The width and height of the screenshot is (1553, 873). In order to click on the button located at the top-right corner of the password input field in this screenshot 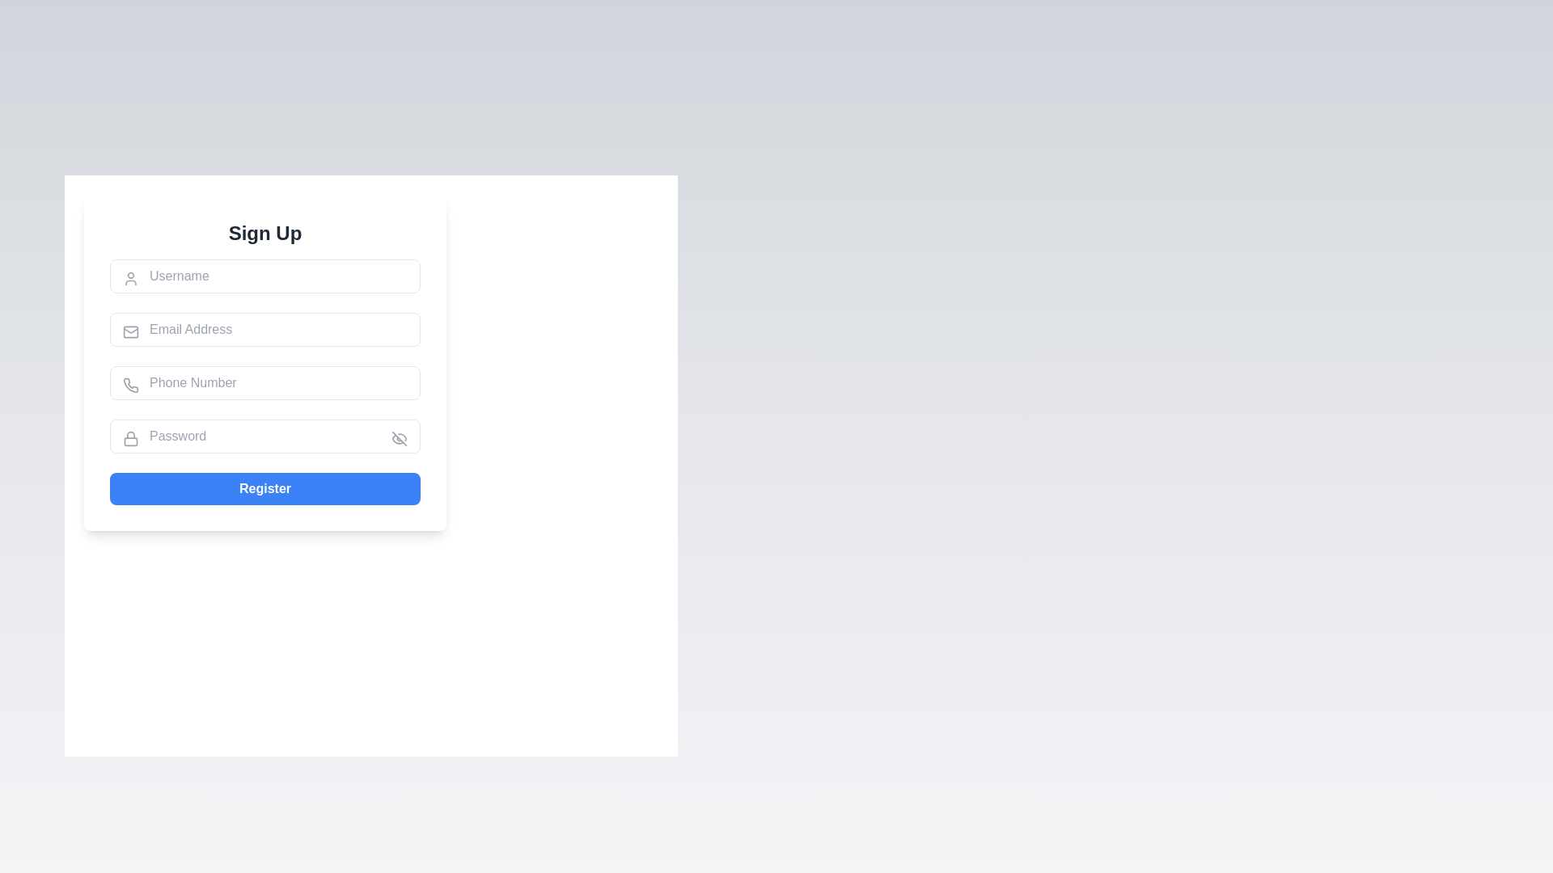, I will do `click(400, 439)`.